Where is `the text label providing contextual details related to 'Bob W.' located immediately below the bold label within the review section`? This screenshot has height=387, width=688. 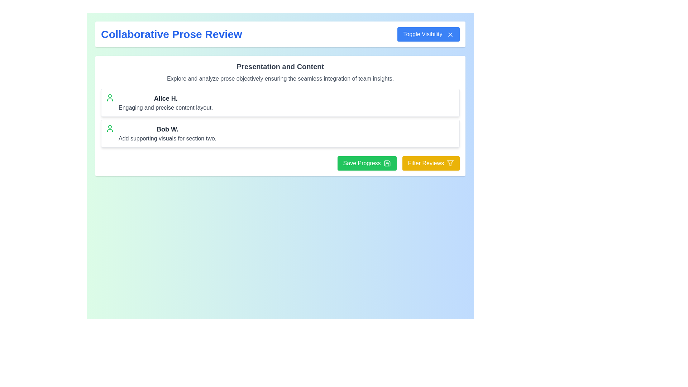 the text label providing contextual details related to 'Bob W.' located immediately below the bold label within the review section is located at coordinates (167, 138).